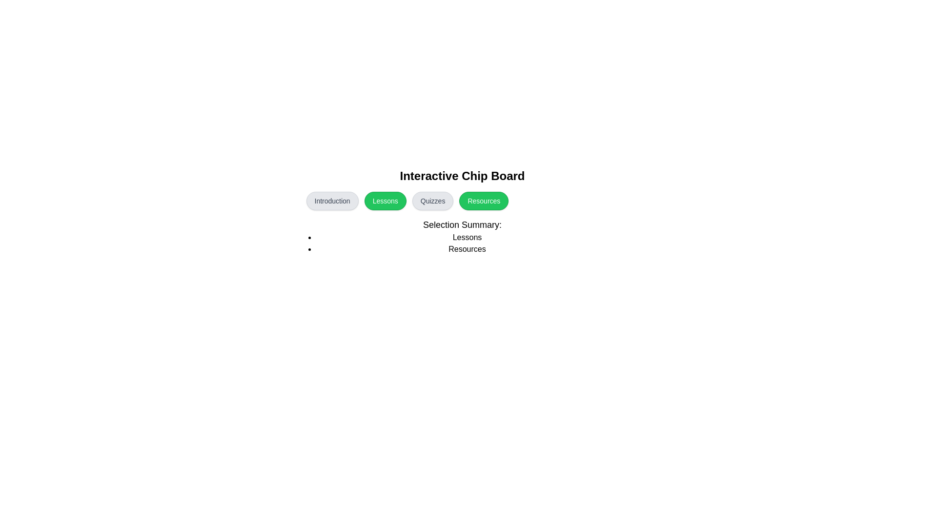 This screenshot has height=527, width=937. Describe the element at coordinates (462, 225) in the screenshot. I see `text header labeled 'Selection Summary:' which is prominently displayed above the list of items in the interface` at that location.